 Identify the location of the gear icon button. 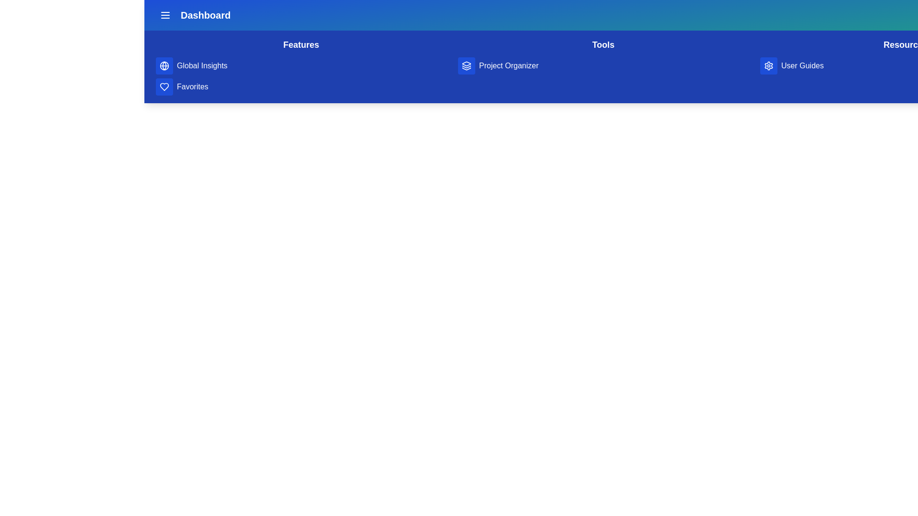
(769, 65).